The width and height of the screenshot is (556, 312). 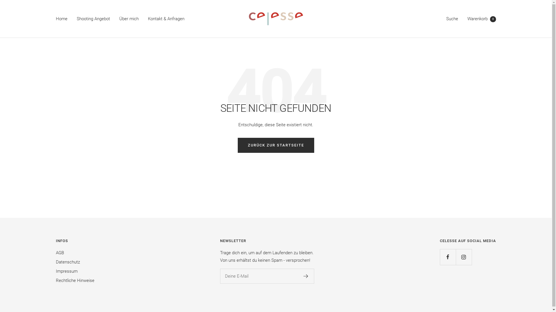 What do you see at coordinates (276, 18) in the screenshot?
I see `'Celesse'` at bounding box center [276, 18].